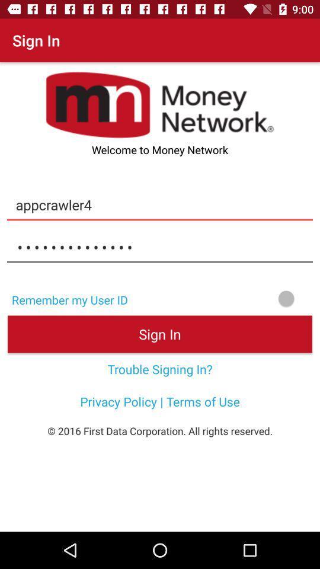 This screenshot has width=320, height=569. I want to click on the icon below appcrawler4 item, so click(160, 247).